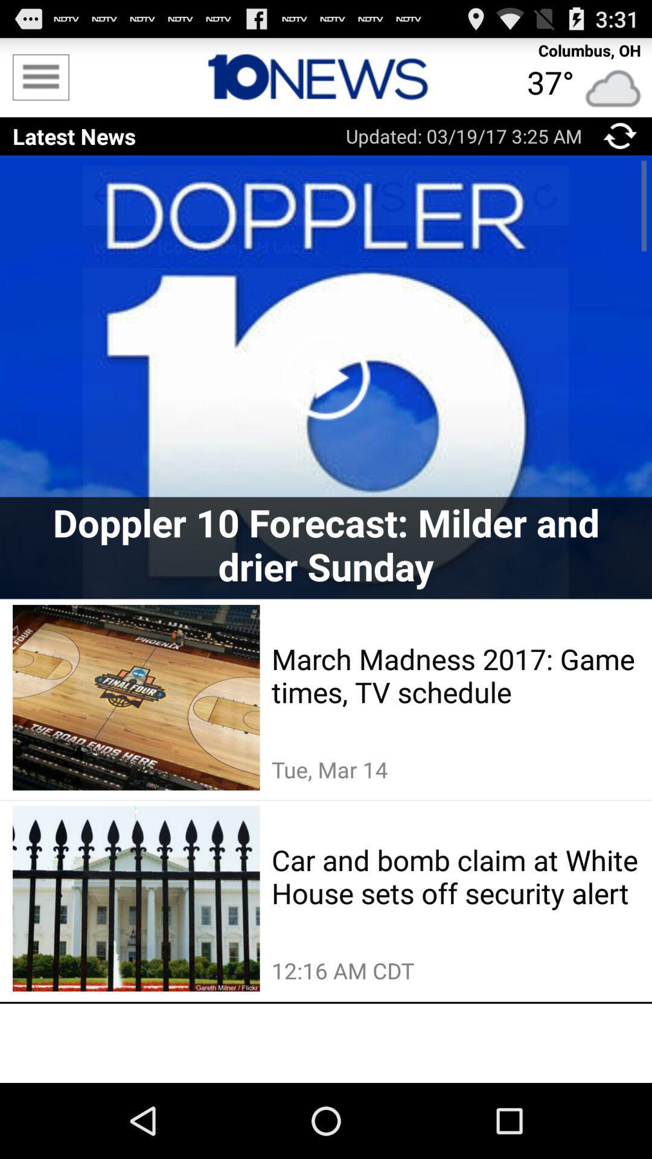  Describe the element at coordinates (326, 77) in the screenshot. I see `button to get to home screen` at that location.